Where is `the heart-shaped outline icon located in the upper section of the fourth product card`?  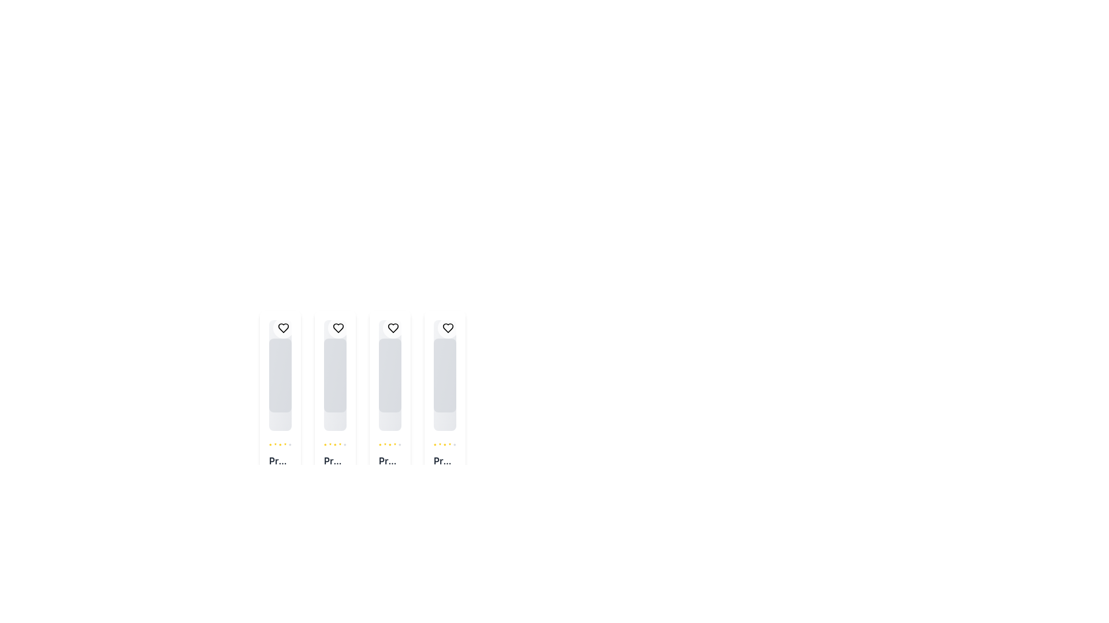
the heart-shaped outline icon located in the upper section of the fourth product card is located at coordinates (448, 328).